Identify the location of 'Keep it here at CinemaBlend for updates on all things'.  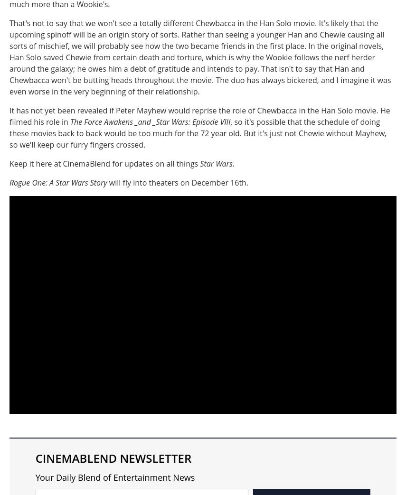
(104, 163).